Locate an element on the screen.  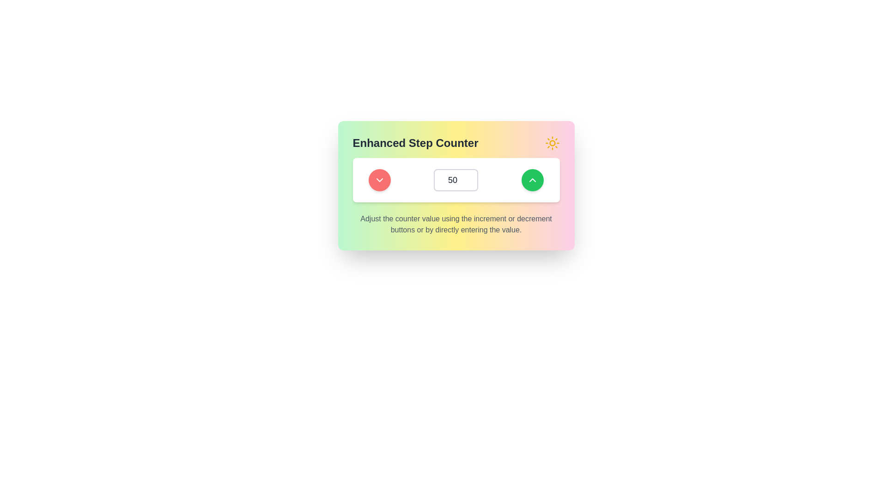
the sun-shaped icon with a yellow outline located is located at coordinates (552, 143).